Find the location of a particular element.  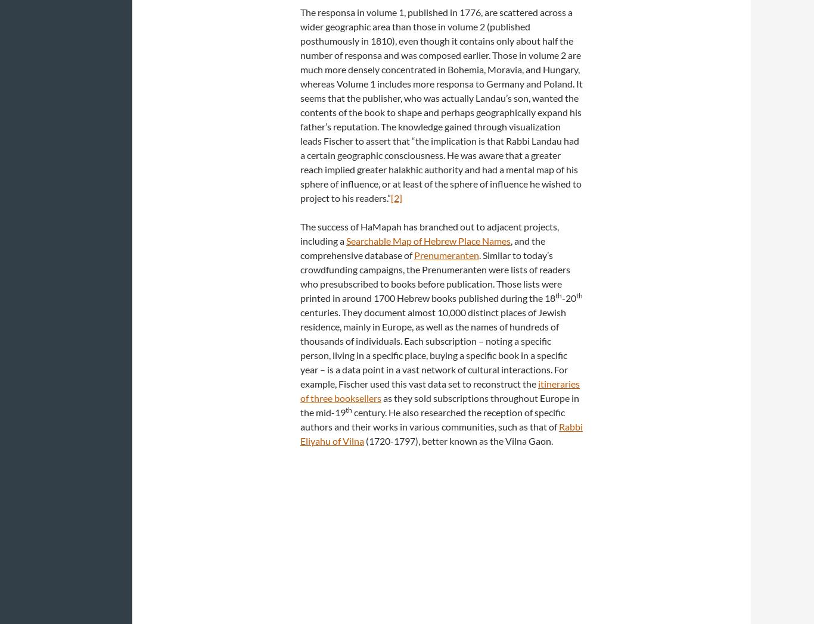

', and the comprehensive database of' is located at coordinates (422, 248).